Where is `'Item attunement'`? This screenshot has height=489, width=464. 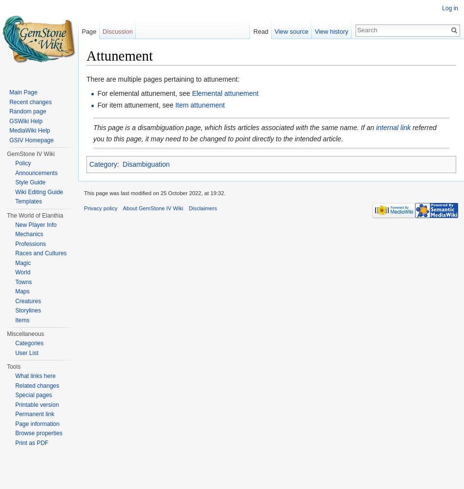
'Item attunement' is located at coordinates (199, 105).